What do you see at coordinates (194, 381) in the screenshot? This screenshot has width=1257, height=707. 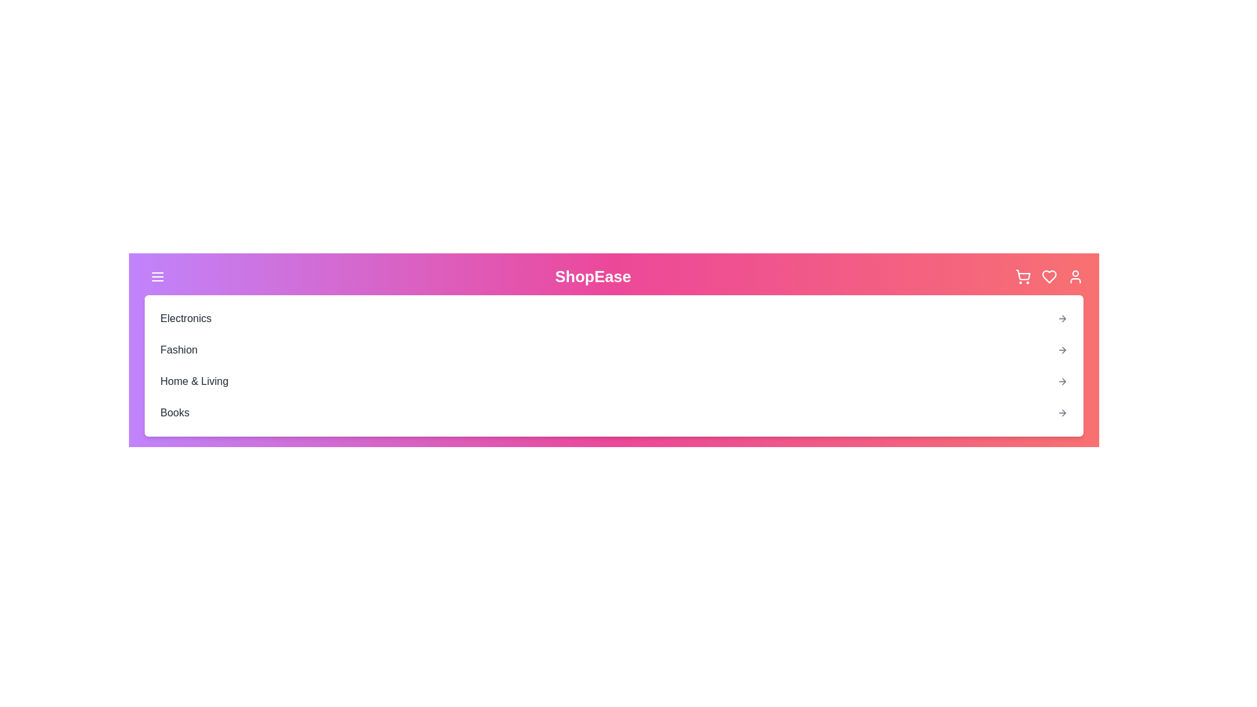 I see `the category Home & Living from the dropdown menu` at bounding box center [194, 381].